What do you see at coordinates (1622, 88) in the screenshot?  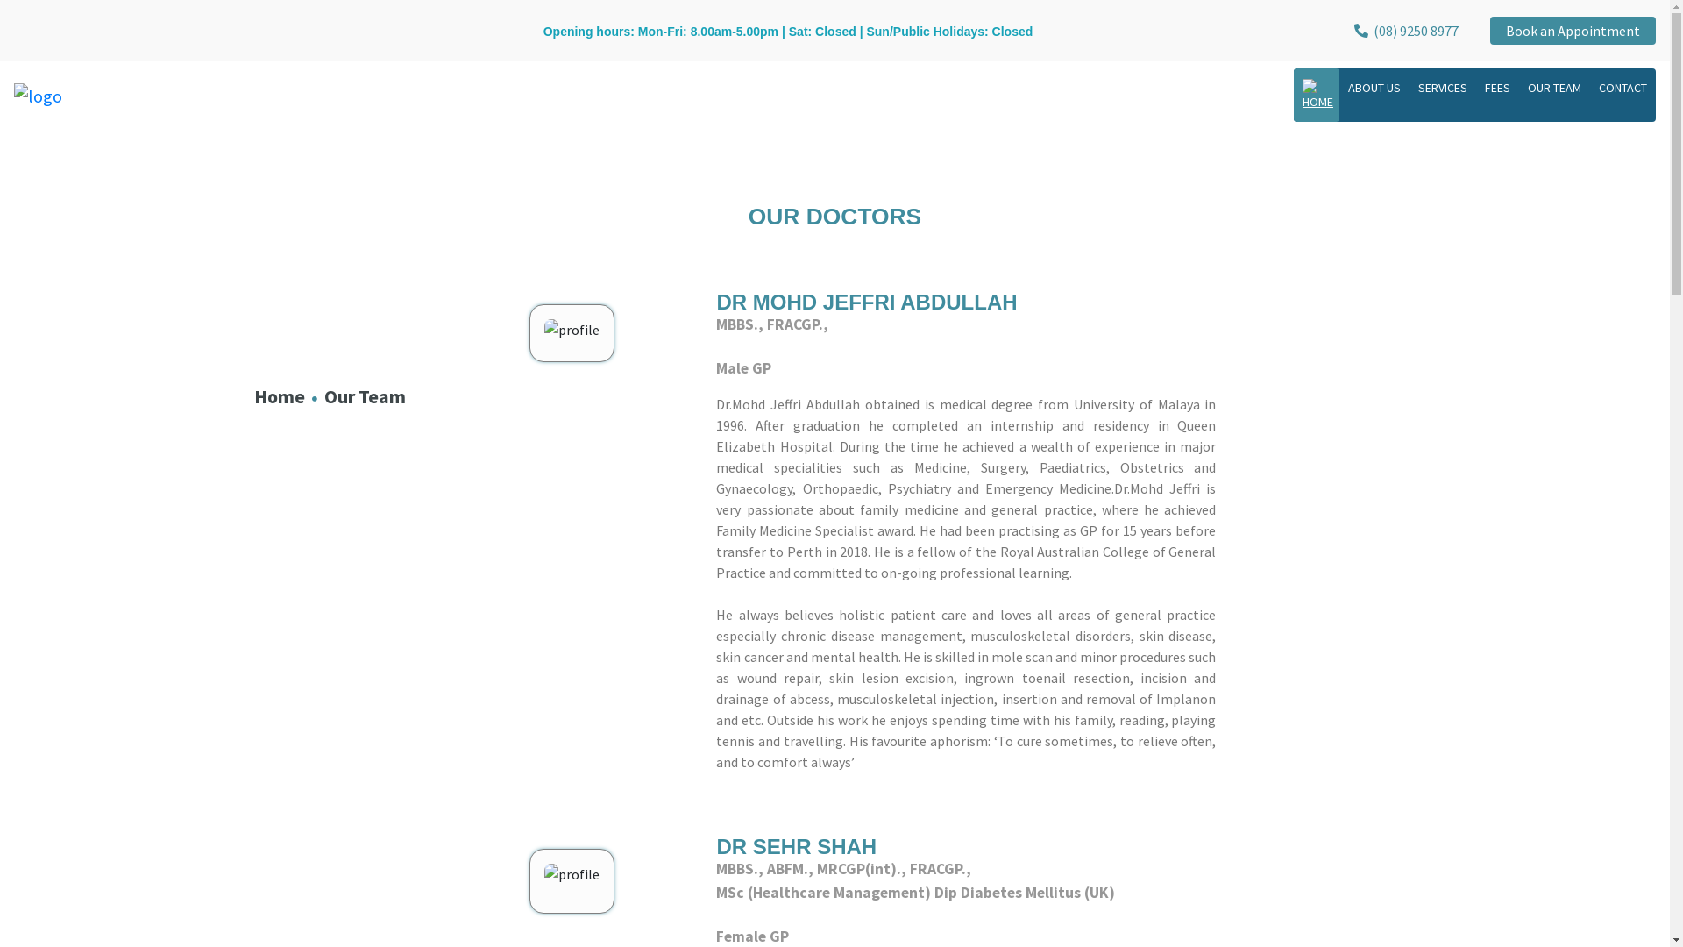 I see `'CONTACT'` at bounding box center [1622, 88].